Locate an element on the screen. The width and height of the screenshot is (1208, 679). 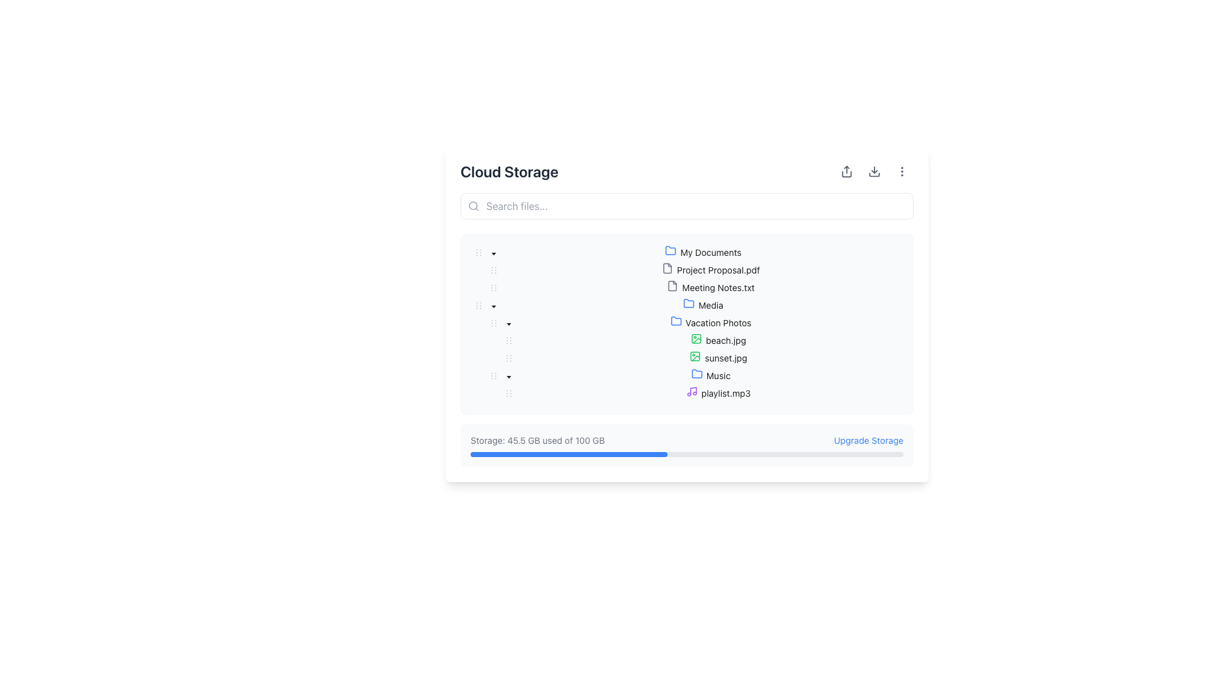
the first icon button in the horizontal row at the top-right corner of the UI is located at coordinates (846, 172).